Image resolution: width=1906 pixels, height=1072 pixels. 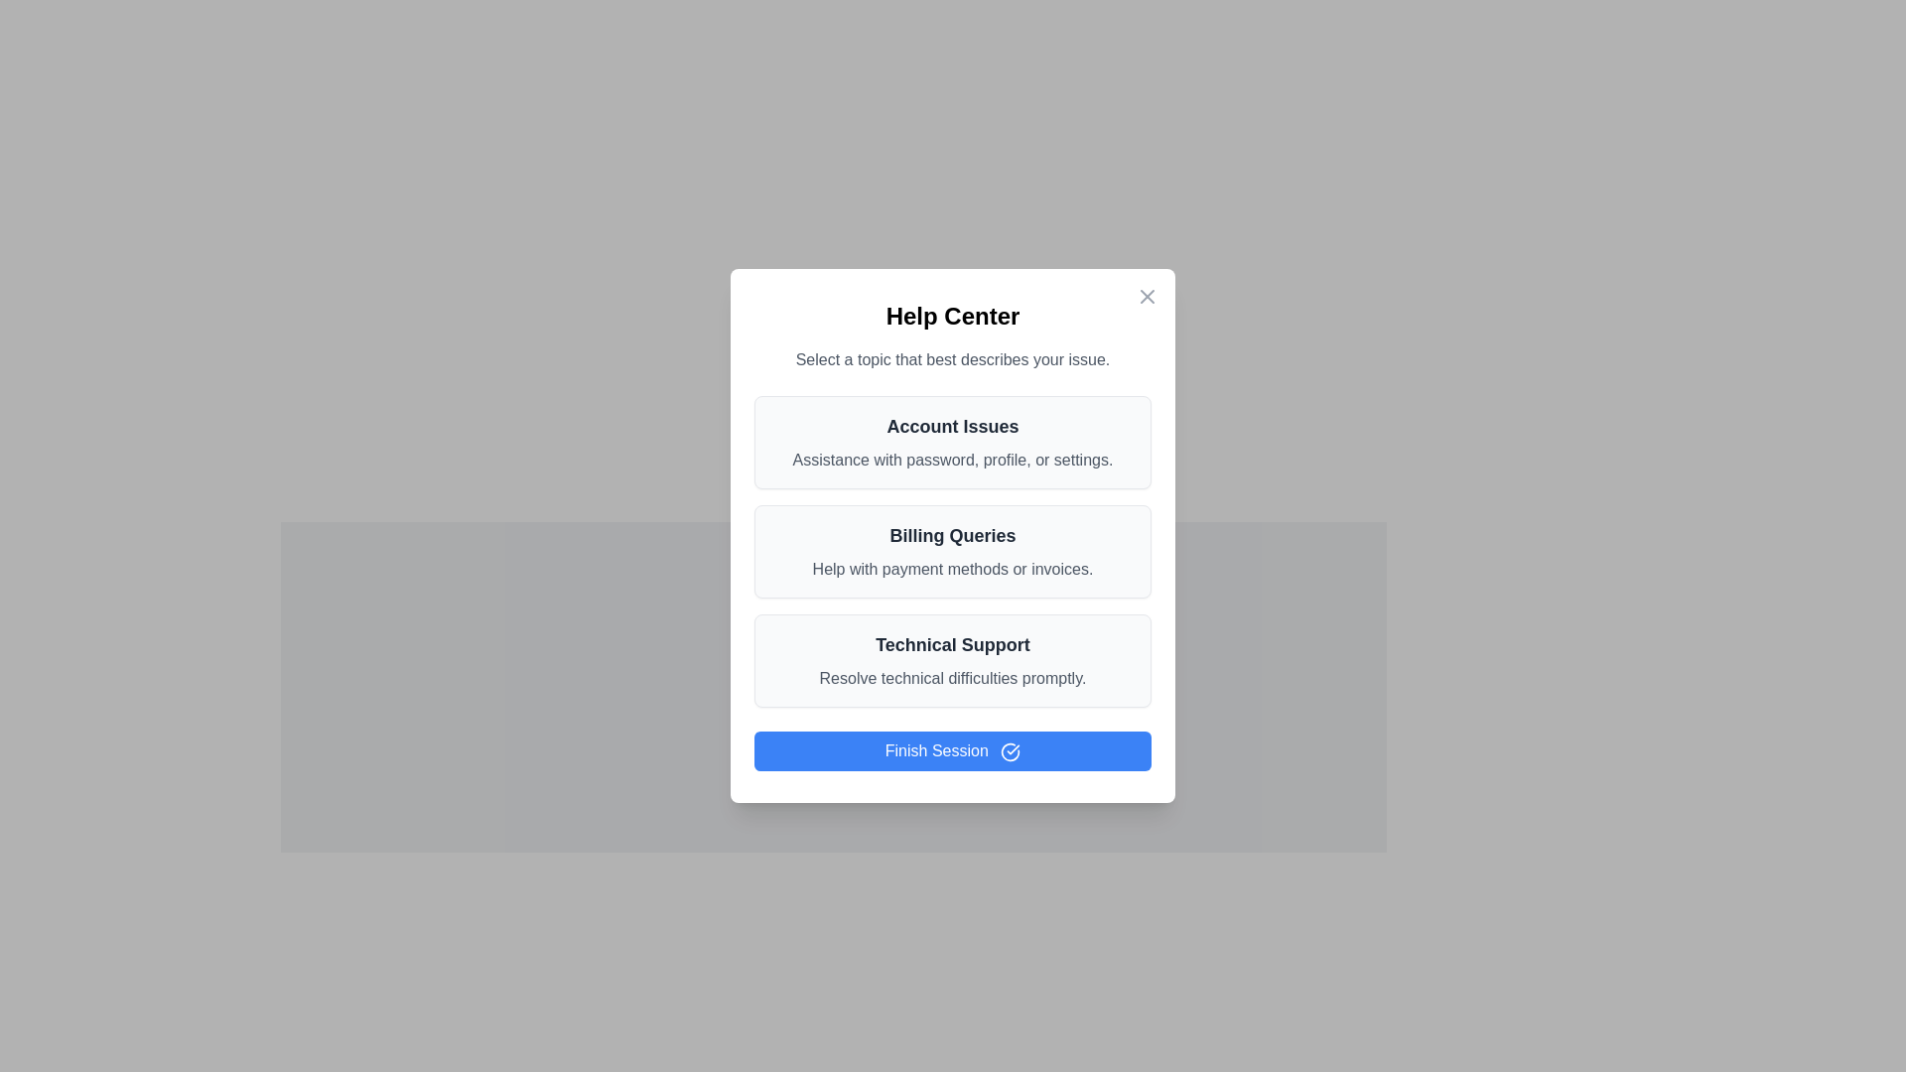 What do you see at coordinates (953, 677) in the screenshot?
I see `the text label that reads 'Resolve technical difficulties promptly.' which is styled in gray font and located below the title 'Technical Support' in the Help Center modal` at bounding box center [953, 677].